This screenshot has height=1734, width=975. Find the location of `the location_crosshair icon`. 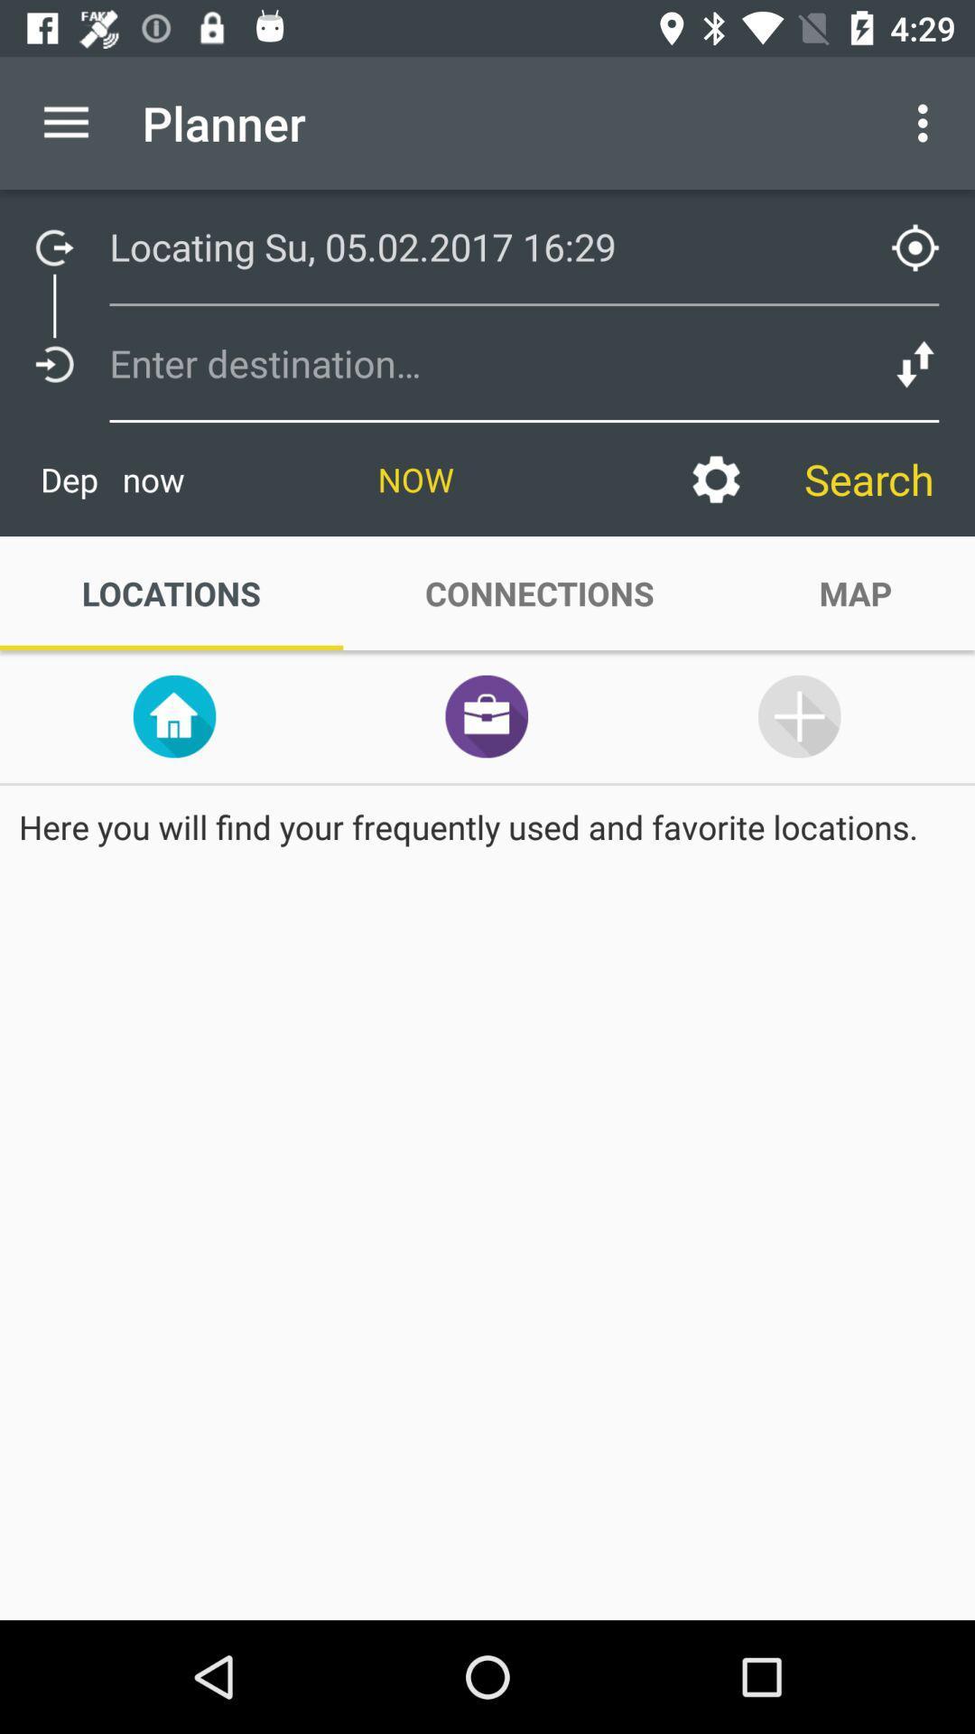

the location_crosshair icon is located at coordinates (927, 236).